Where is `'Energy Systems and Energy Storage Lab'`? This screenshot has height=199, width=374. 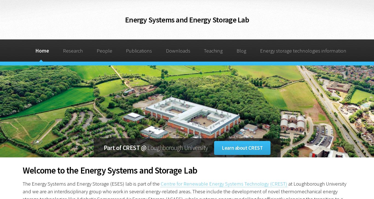
'Energy Systems and Energy Storage Lab' is located at coordinates (186, 19).